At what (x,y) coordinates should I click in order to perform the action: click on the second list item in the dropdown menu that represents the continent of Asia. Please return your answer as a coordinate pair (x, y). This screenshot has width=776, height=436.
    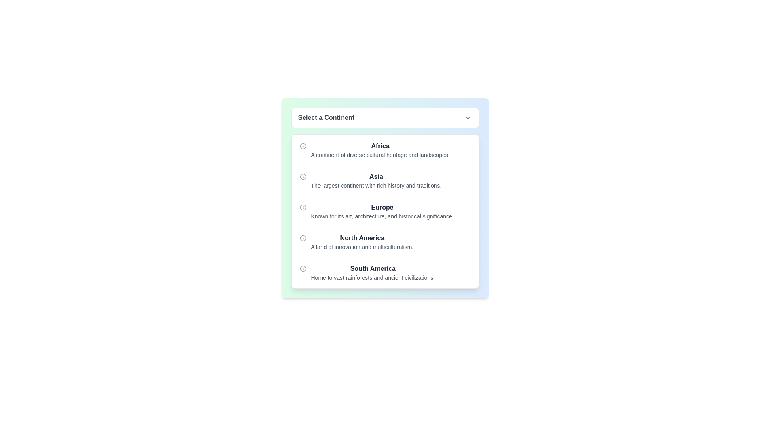
    Looking at the image, I should click on (376, 180).